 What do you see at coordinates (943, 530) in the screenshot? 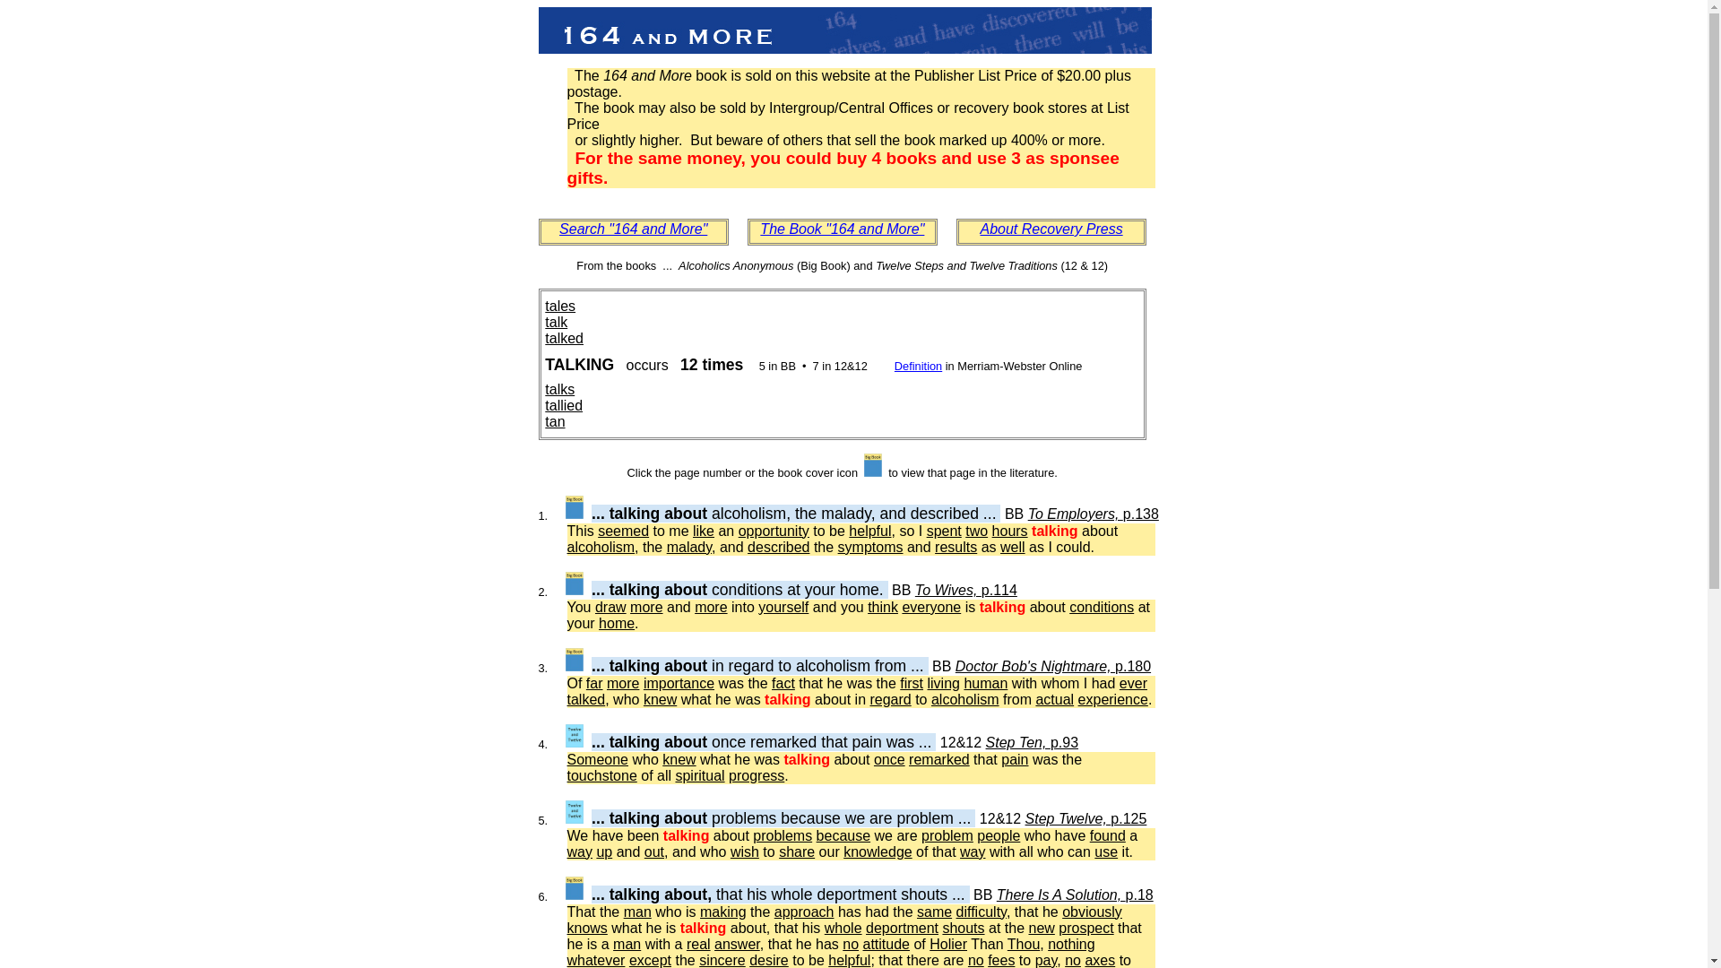
I see `'spent'` at bounding box center [943, 530].